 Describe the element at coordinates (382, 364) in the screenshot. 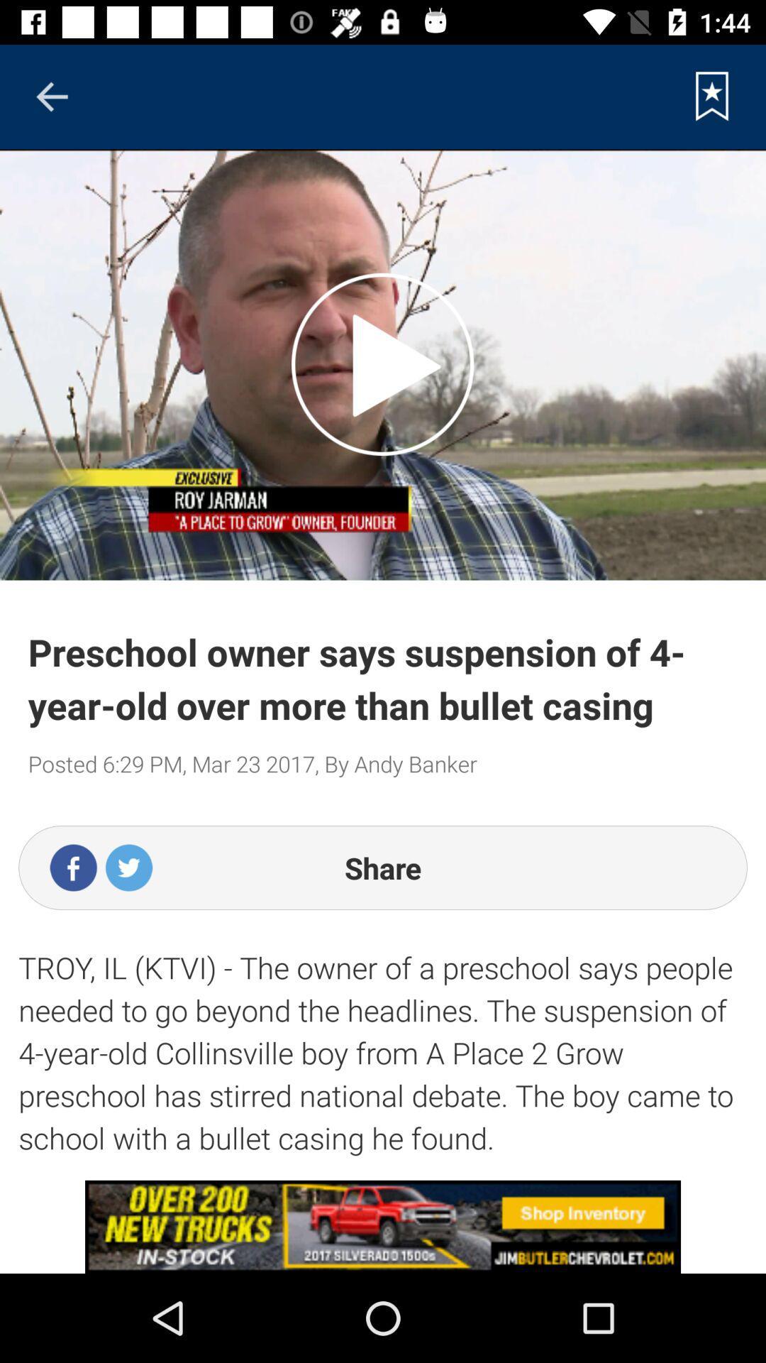

I see `the video` at that location.